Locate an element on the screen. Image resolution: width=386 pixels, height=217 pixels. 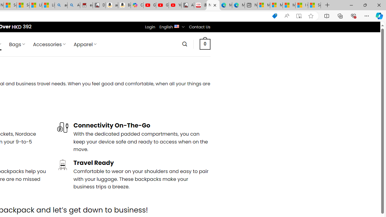
'Enter Immersive Reader (F9)' is located at coordinates (299, 16).